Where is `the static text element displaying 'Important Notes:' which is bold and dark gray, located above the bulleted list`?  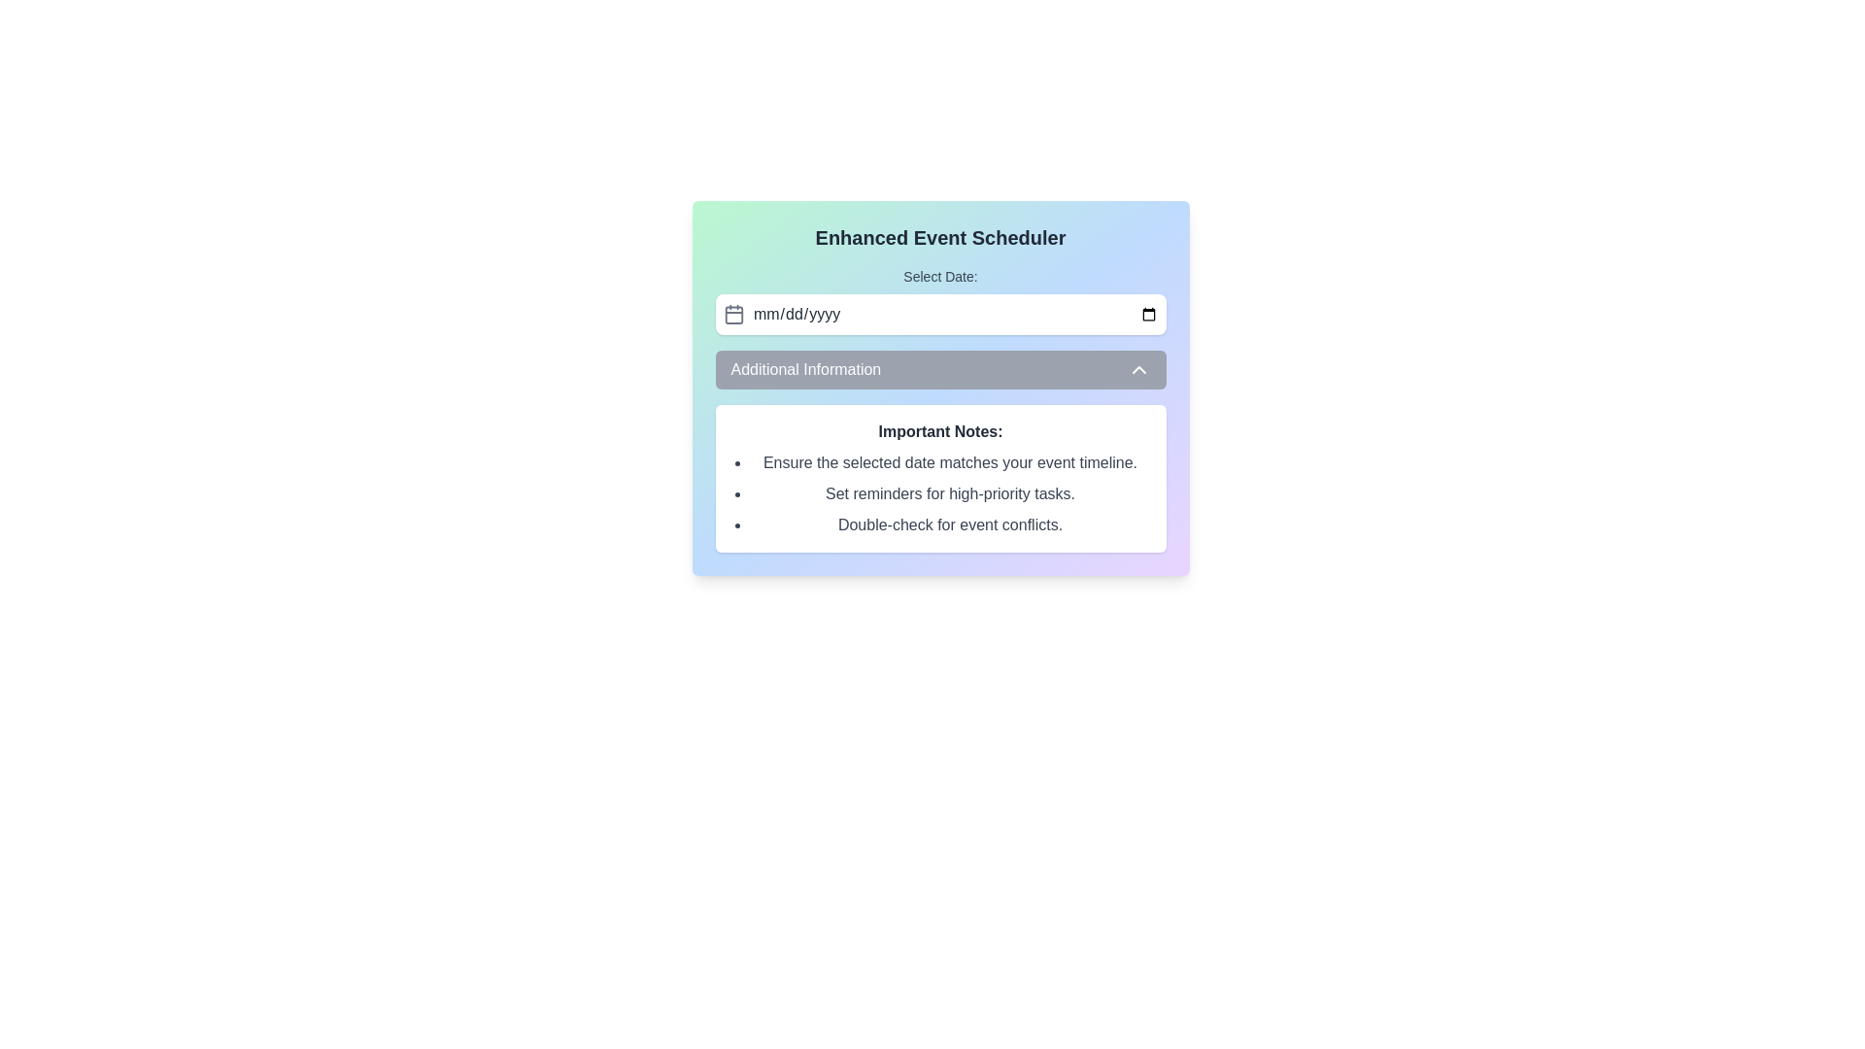 the static text element displaying 'Important Notes:' which is bold and dark gray, located above the bulleted list is located at coordinates (940, 430).